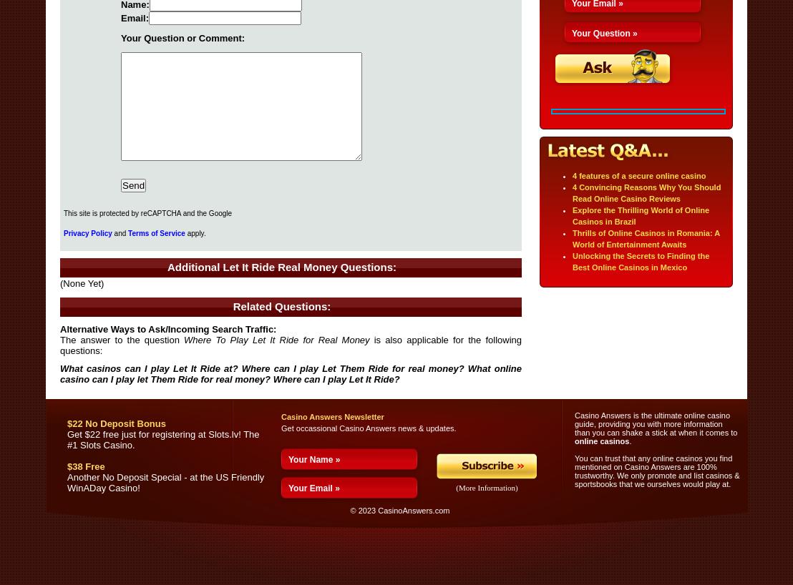 The width and height of the screenshot is (793, 585). I want to click on 'Unlocking the Secrets to Finding the Best Online Casinos in Mexico', so click(640, 261).